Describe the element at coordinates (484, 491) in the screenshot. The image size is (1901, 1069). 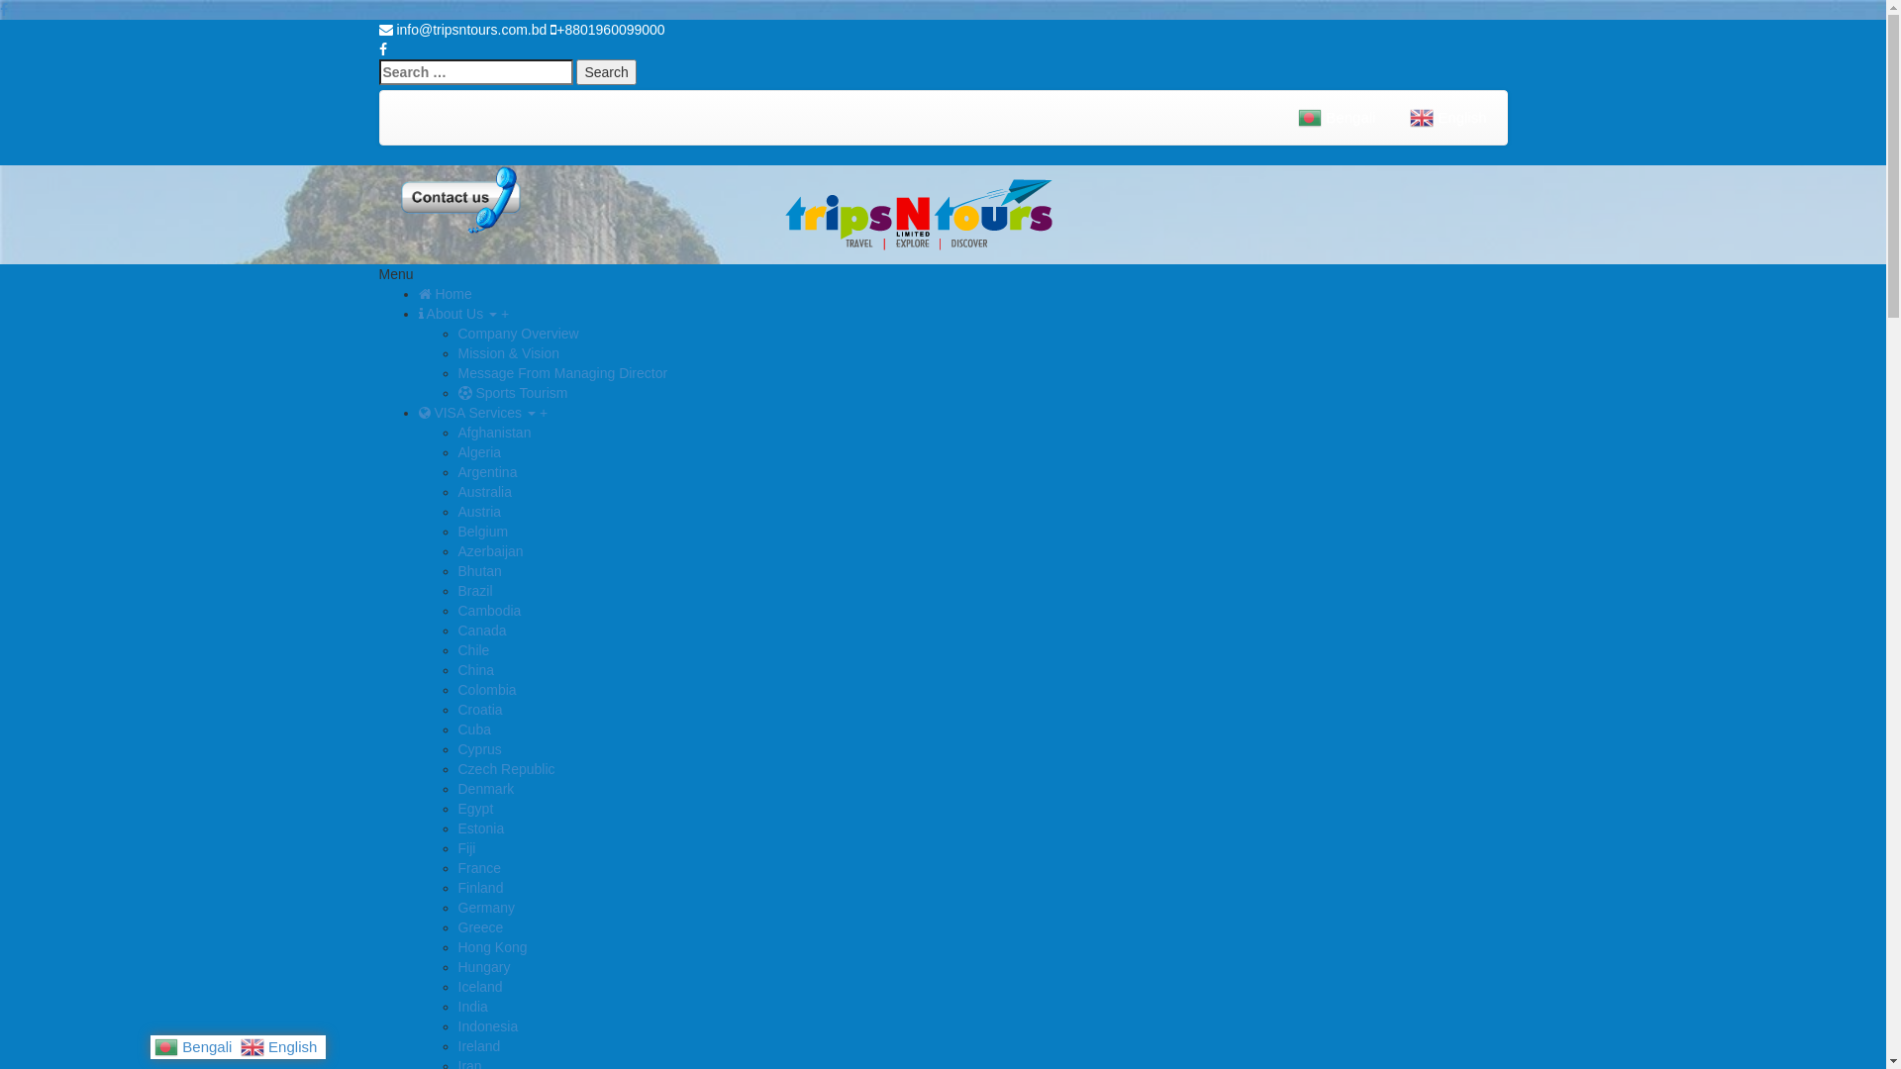
I see `'Australia'` at that location.